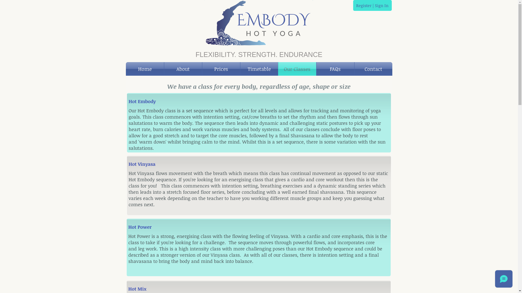 Image resolution: width=522 pixels, height=293 pixels. I want to click on 'Register | Sign In', so click(372, 5).